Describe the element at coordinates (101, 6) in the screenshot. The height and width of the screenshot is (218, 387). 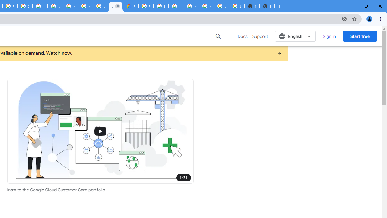
I see `'Google Cloud Platform'` at that location.